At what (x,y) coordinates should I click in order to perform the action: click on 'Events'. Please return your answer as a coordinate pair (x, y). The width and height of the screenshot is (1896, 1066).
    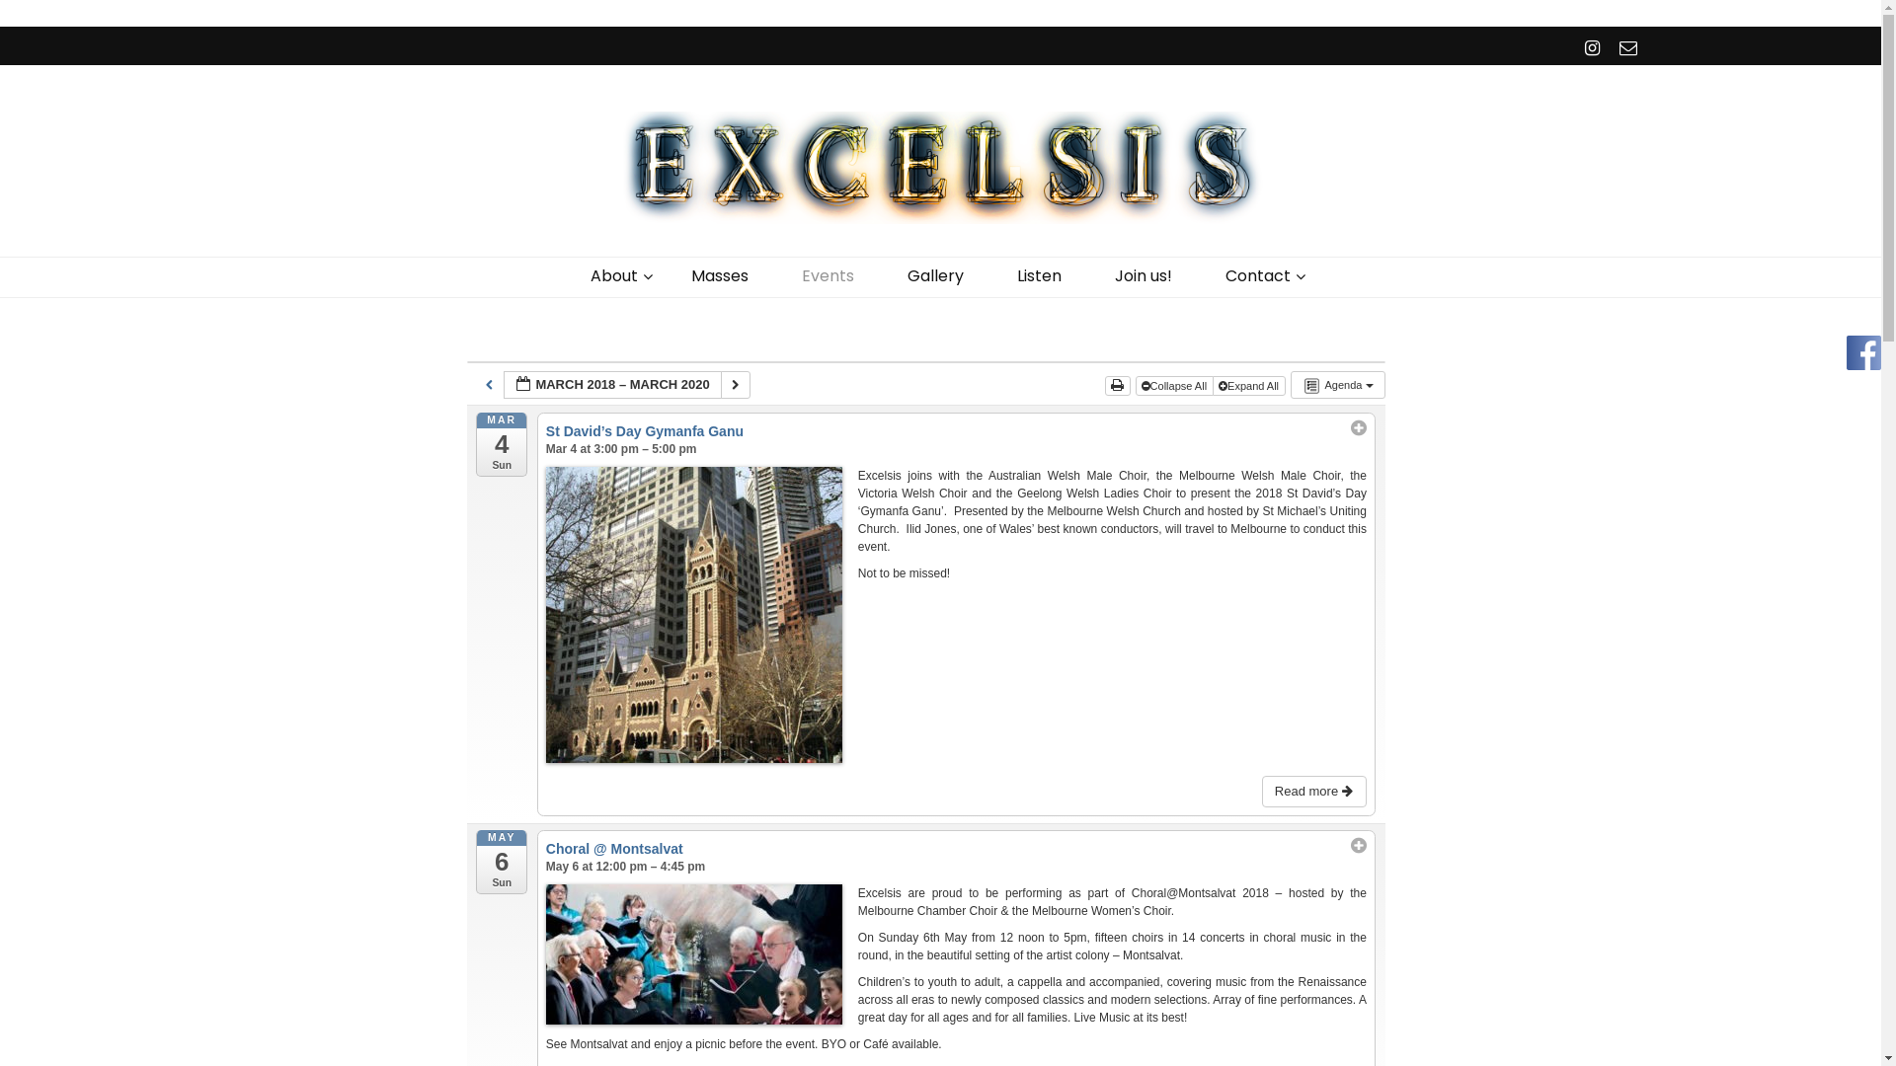
    Looking at the image, I should click on (828, 276).